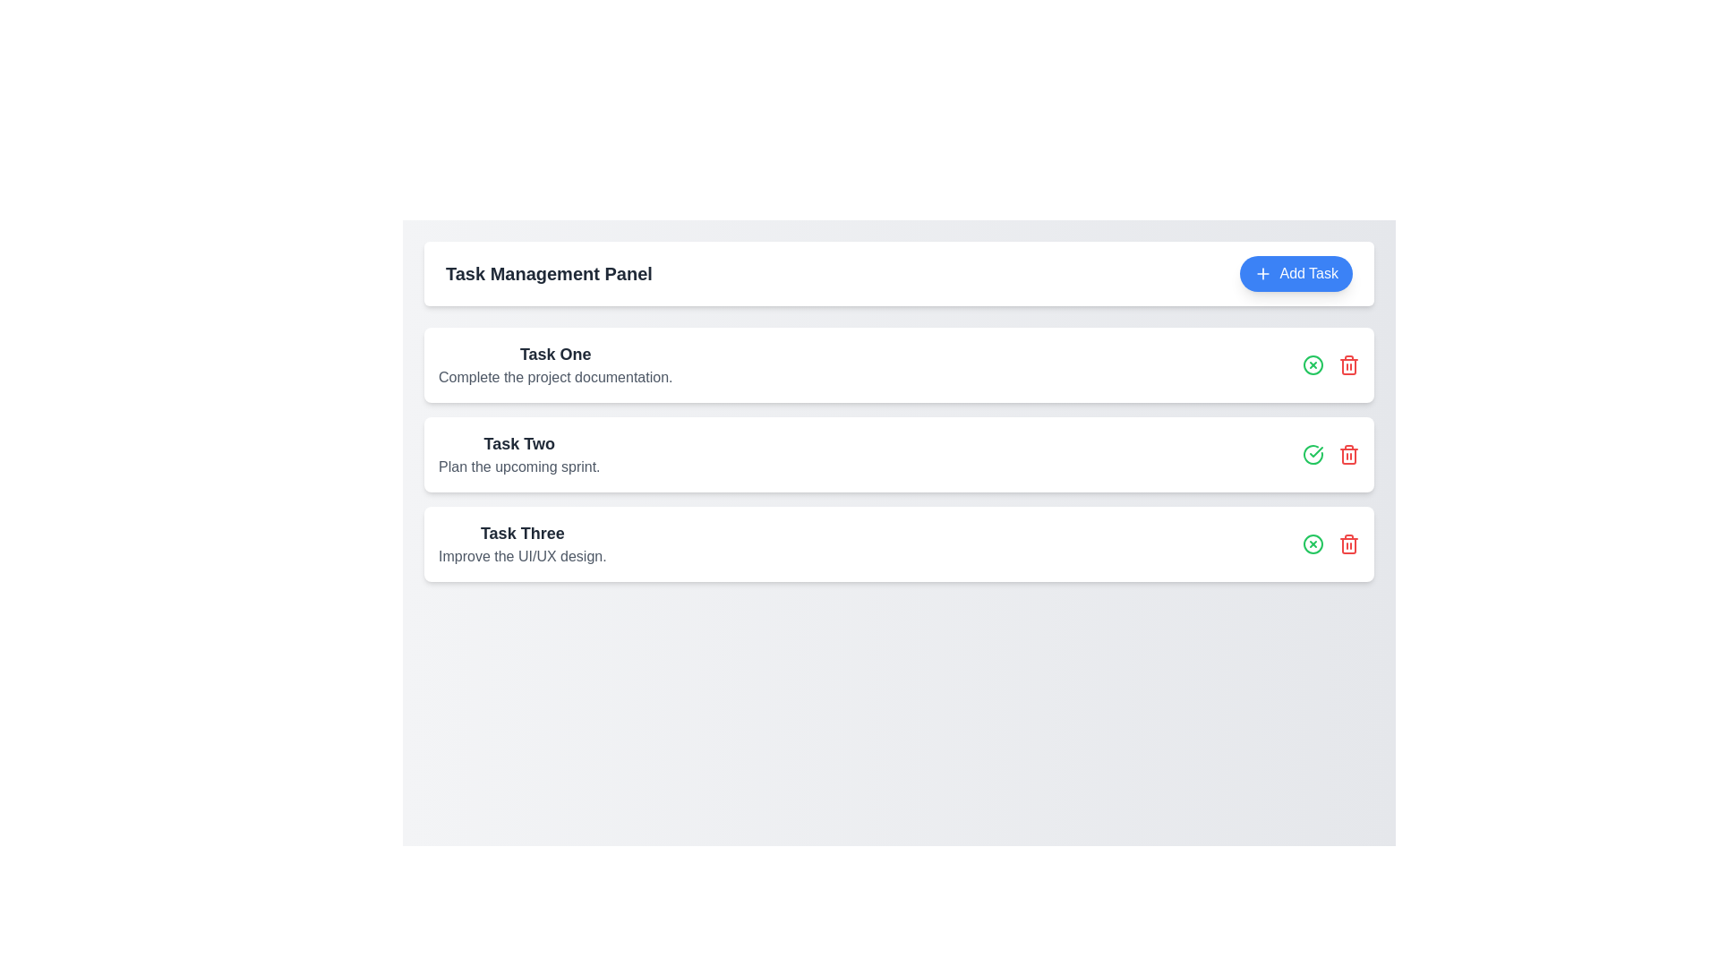 This screenshot has height=967, width=1719. Describe the element at coordinates (1316, 451) in the screenshot. I see `the checkmark icon in the third task row to mark the task as complete` at that location.